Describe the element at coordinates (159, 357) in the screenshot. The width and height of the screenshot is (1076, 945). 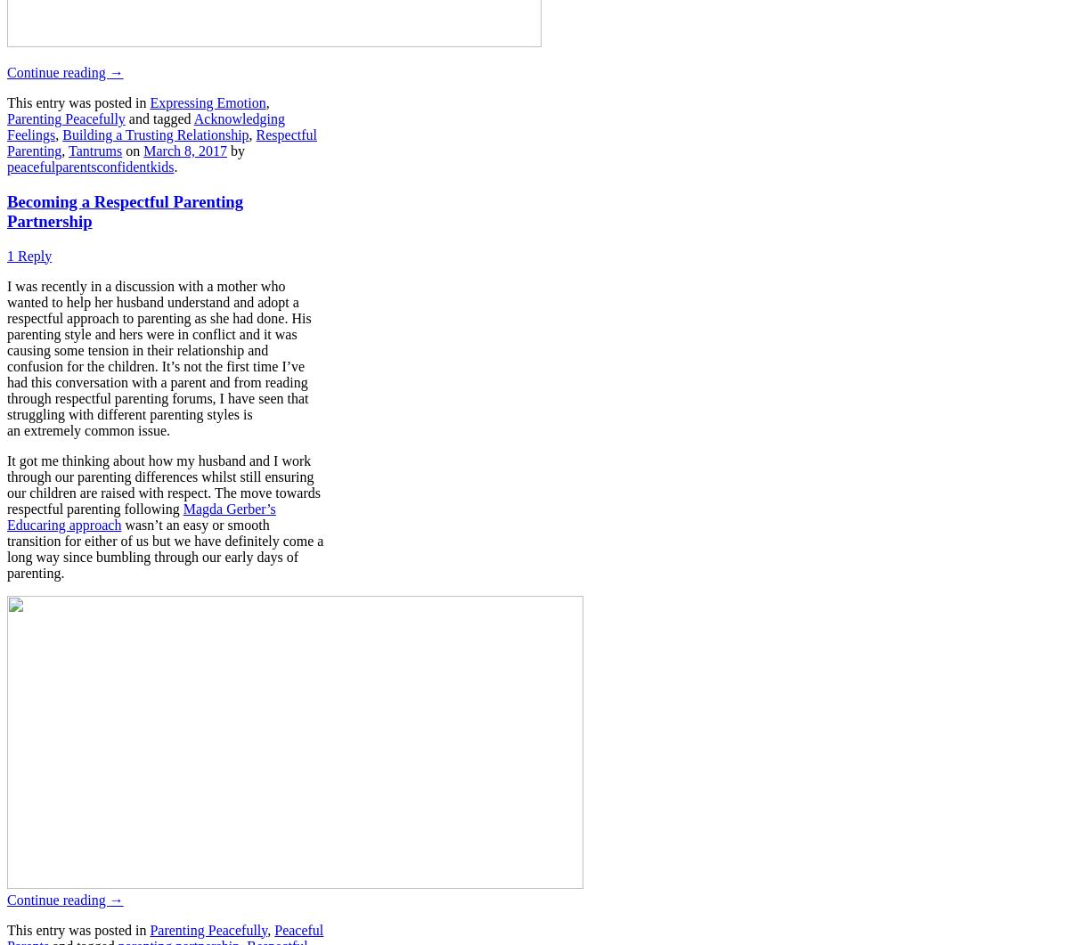
I see `'I was recently in a discussion with a mother who wanted to help her husband understand and adopt a respectful approach to parenting as she had done. His parenting style and hers were in conflict and it was causing some tension in their relationship and confusion for the children. It’s not the first time I’ve had this conversation with a parent and from reading through respectful parenting forums, I have seen that struggling with different parenting styles is an extremely common issue.'` at that location.